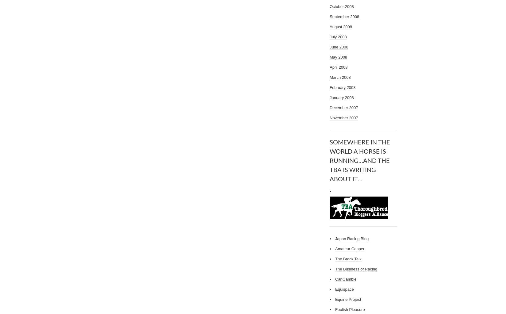 The image size is (506, 314). I want to click on 'The Brock Talk', so click(348, 258).